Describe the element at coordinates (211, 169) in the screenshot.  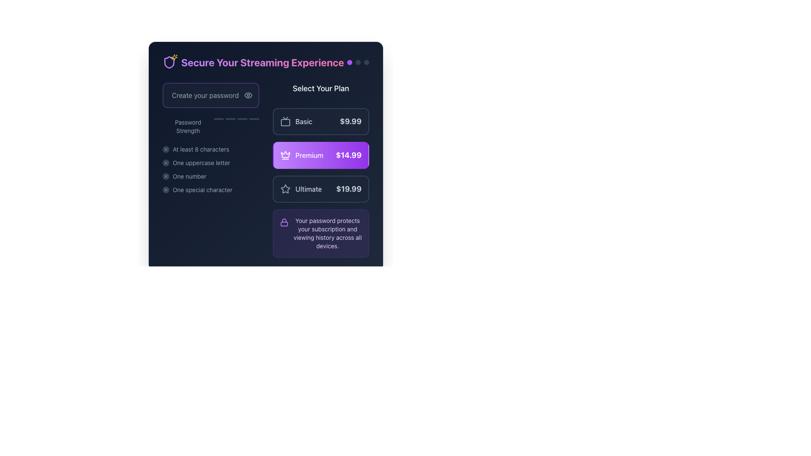
I see `details listed in the instructional list of password requirements, which includes items like 'At least 8 characters', 'One uppercase letter', 'One number', and 'One special character'` at that location.